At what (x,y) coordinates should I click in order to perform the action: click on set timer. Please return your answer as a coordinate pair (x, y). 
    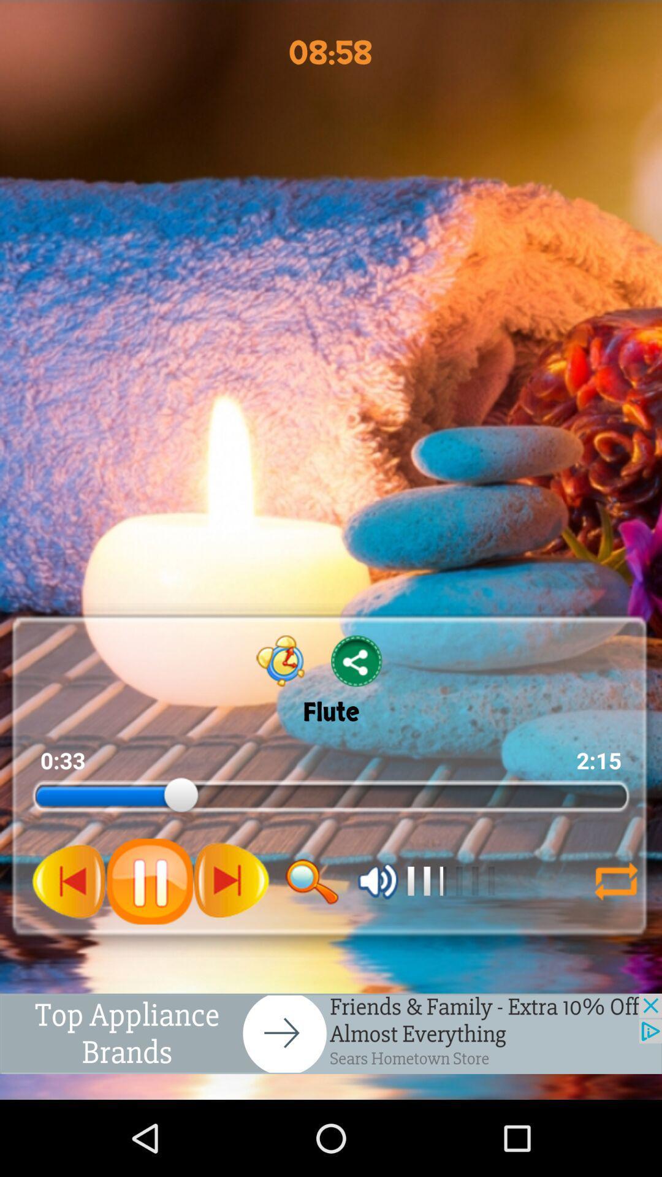
    Looking at the image, I should click on (281, 660).